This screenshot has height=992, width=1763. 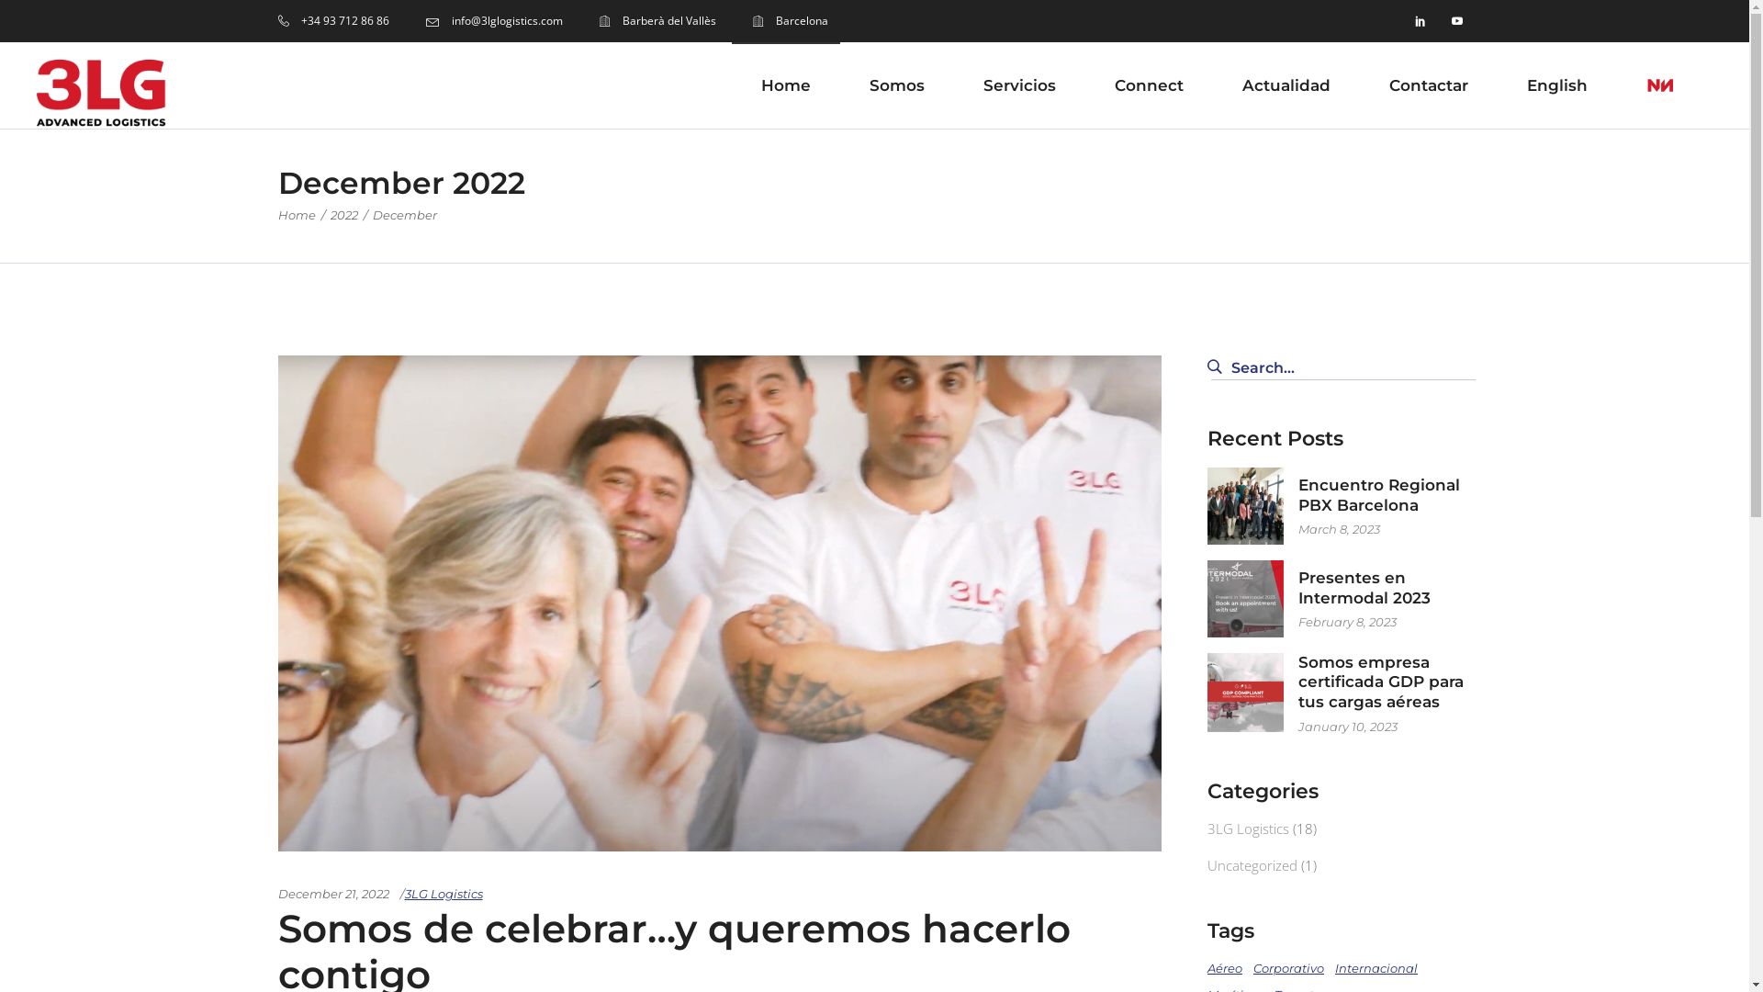 What do you see at coordinates (1376, 967) in the screenshot?
I see `'Internacional'` at bounding box center [1376, 967].